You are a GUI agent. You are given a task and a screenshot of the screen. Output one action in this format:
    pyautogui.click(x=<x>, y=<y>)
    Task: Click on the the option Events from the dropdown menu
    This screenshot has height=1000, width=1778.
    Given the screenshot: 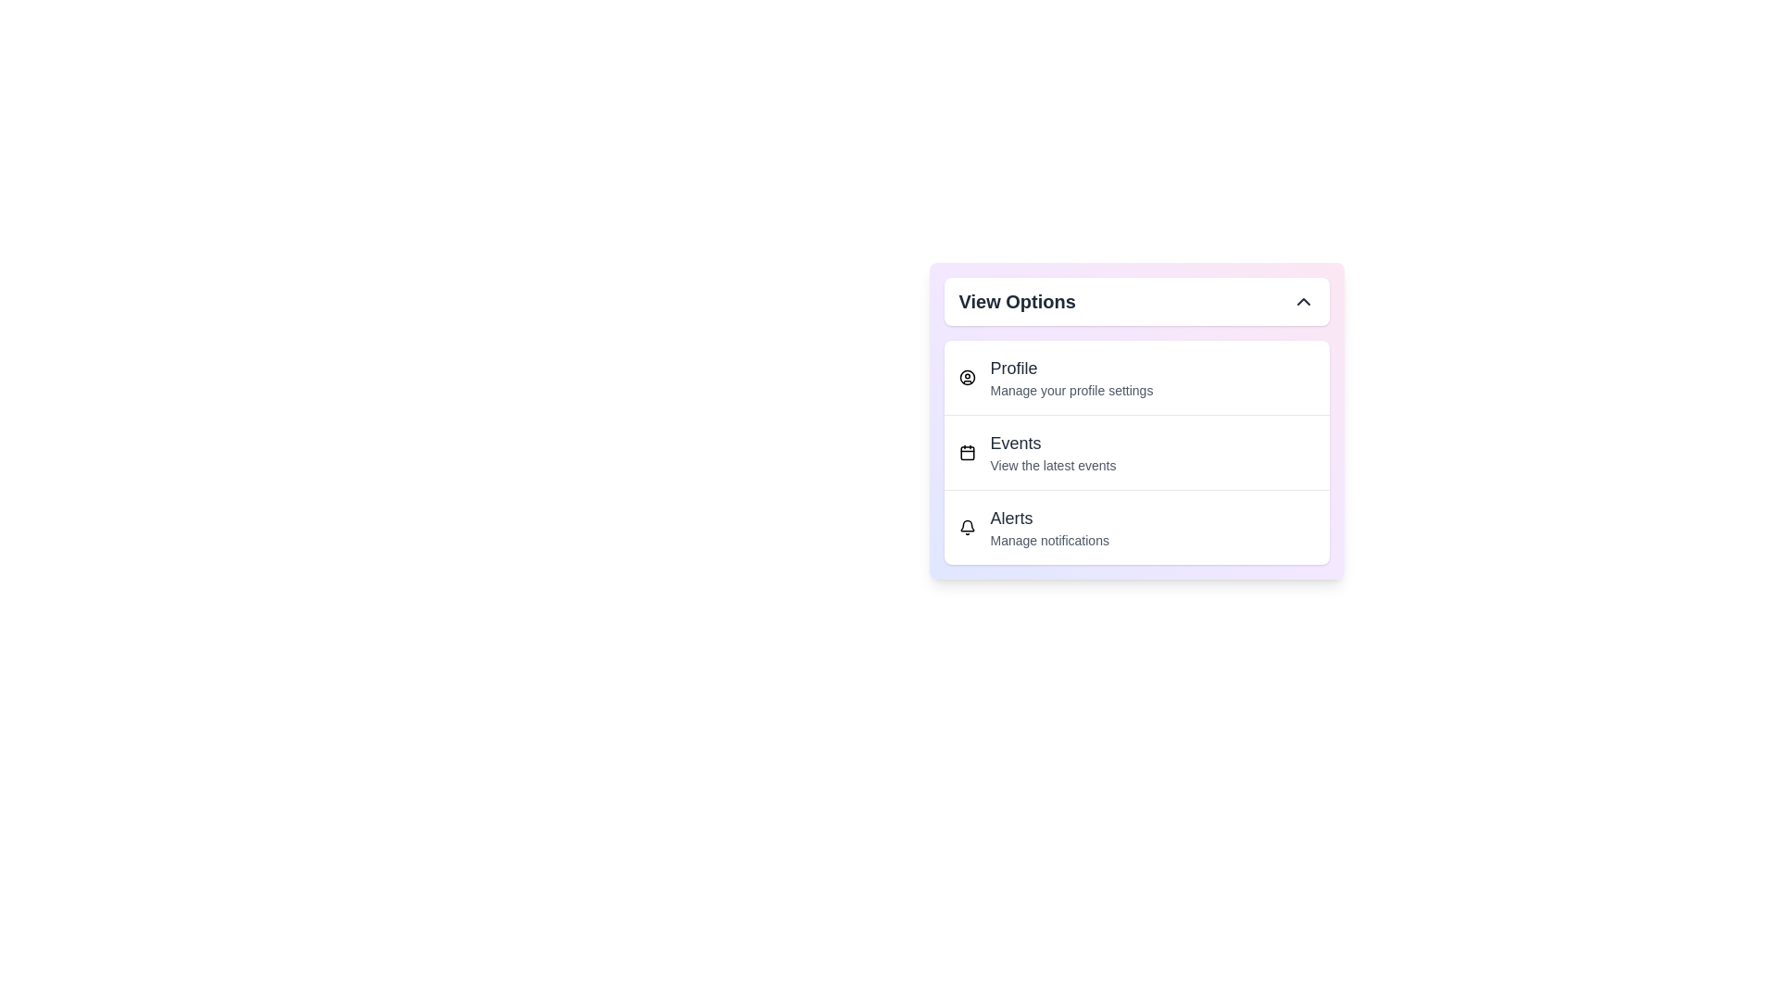 What is the action you would take?
    pyautogui.click(x=1135, y=452)
    